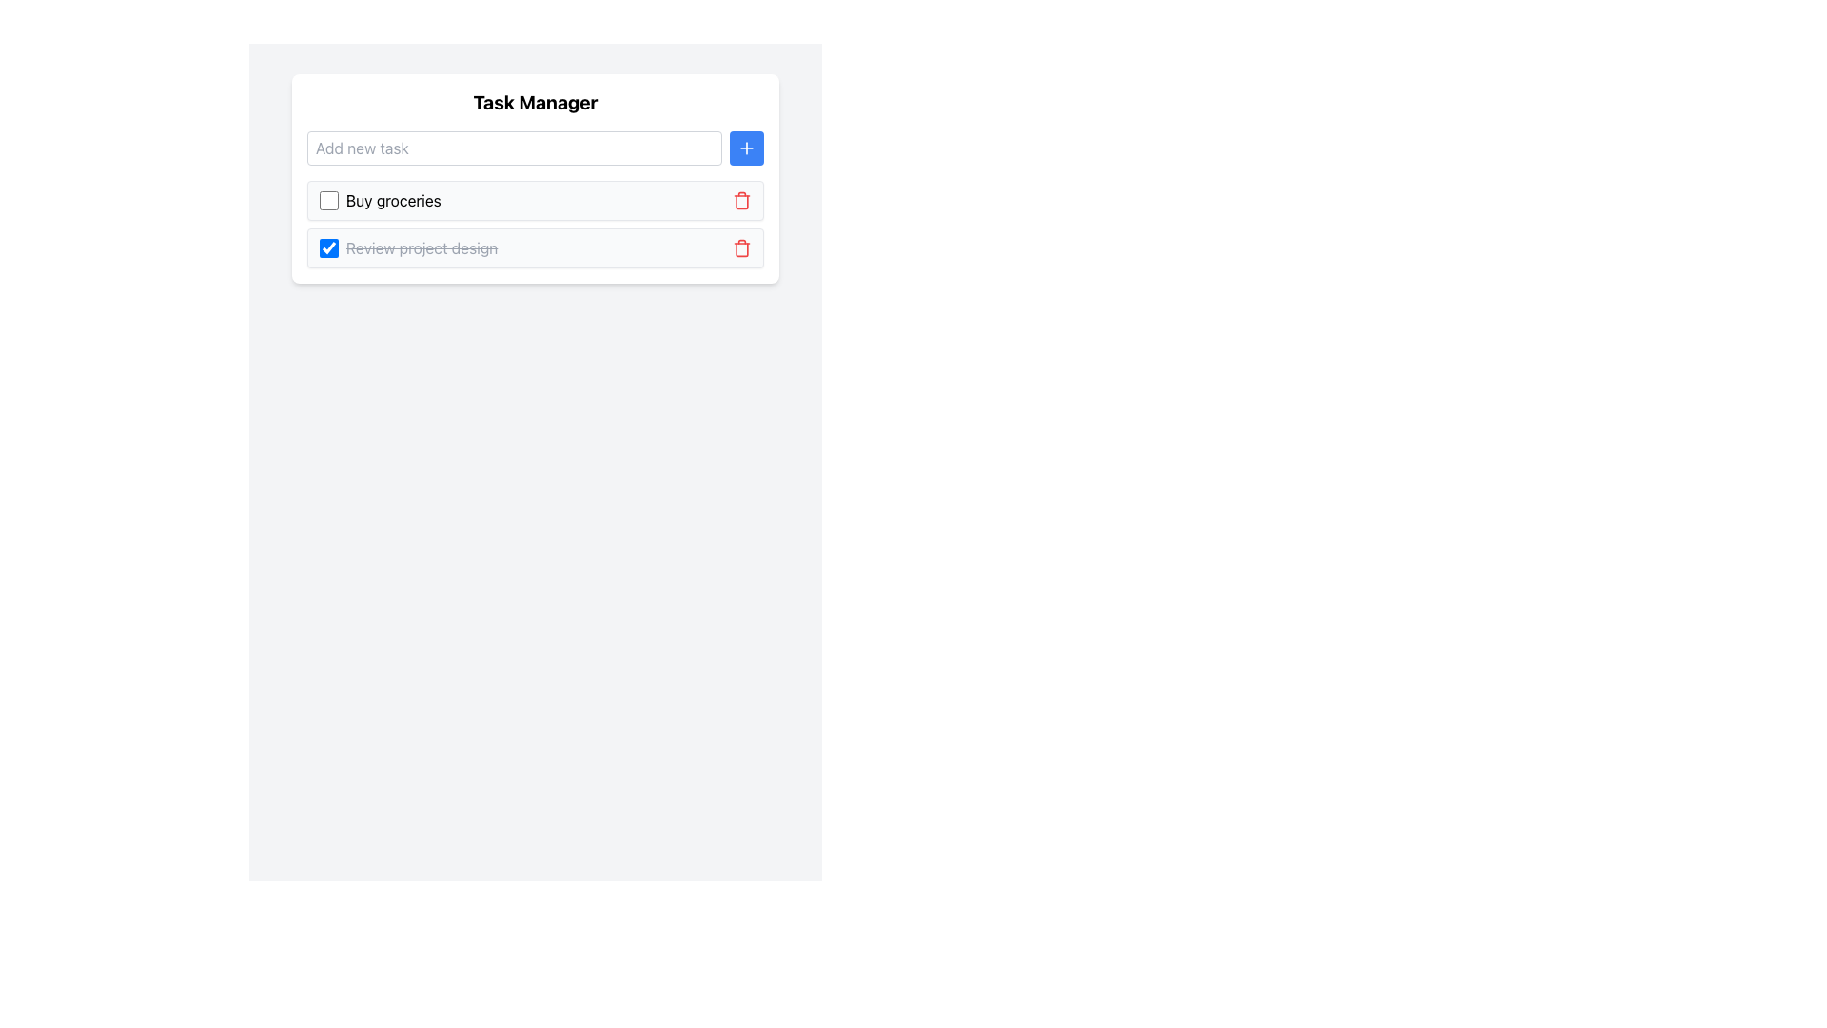  I want to click on the empty green-bordered checkbox located to the left of the task label 'Buy groceries', so click(328, 201).